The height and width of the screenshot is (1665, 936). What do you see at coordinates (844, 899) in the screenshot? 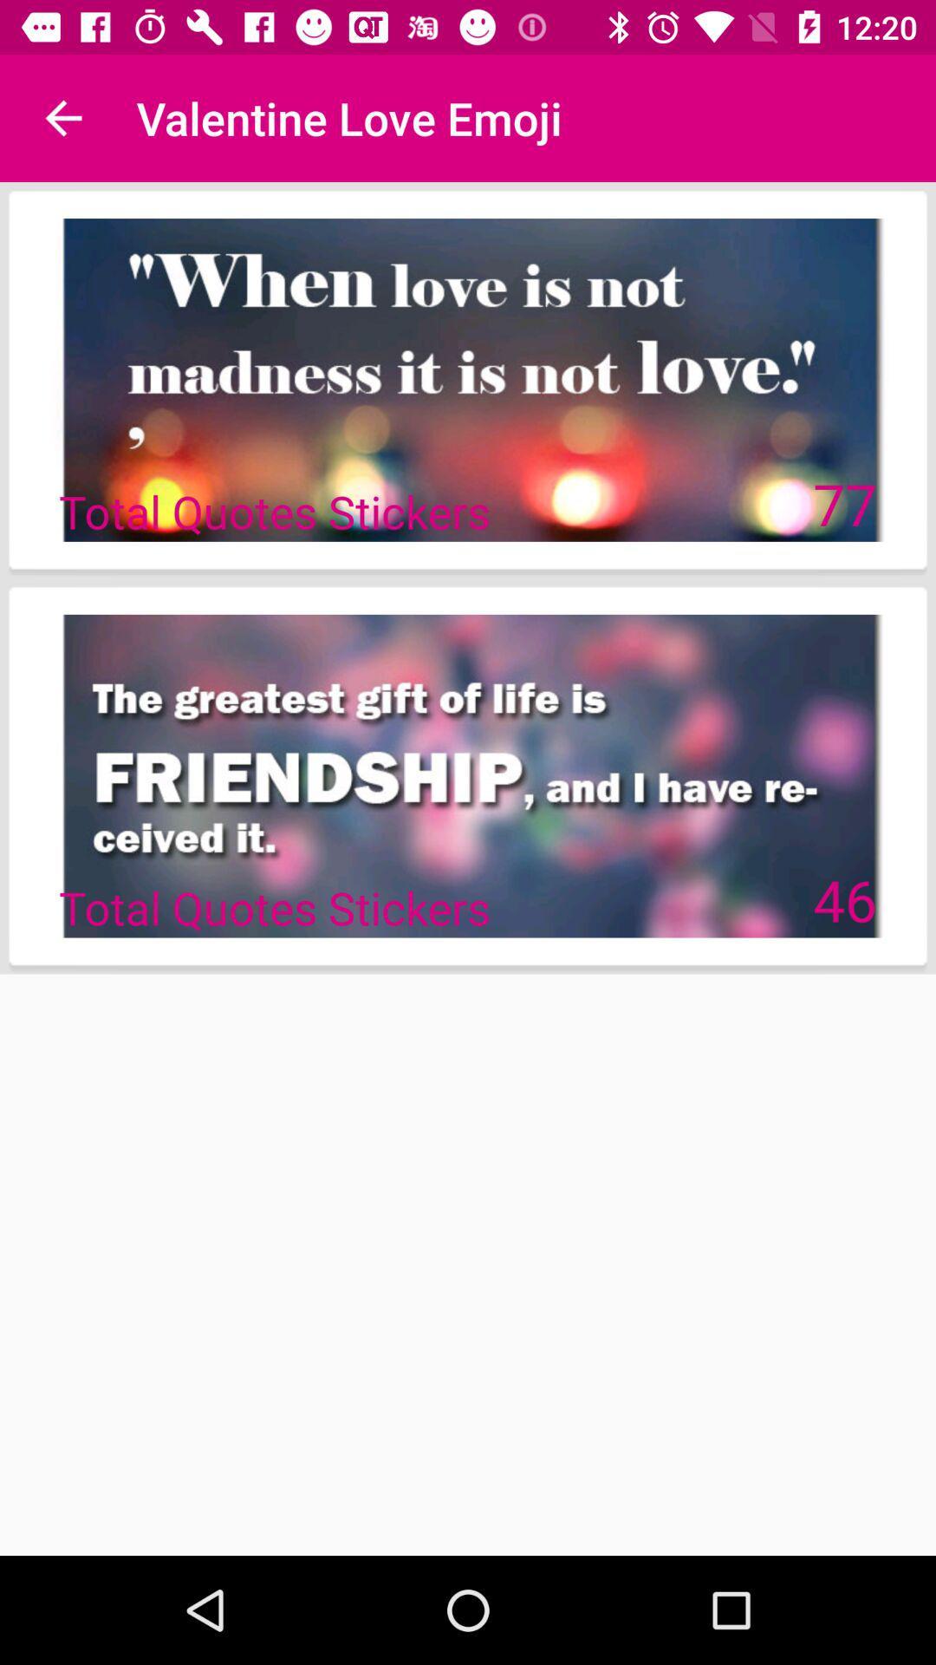
I see `46 icon` at bounding box center [844, 899].